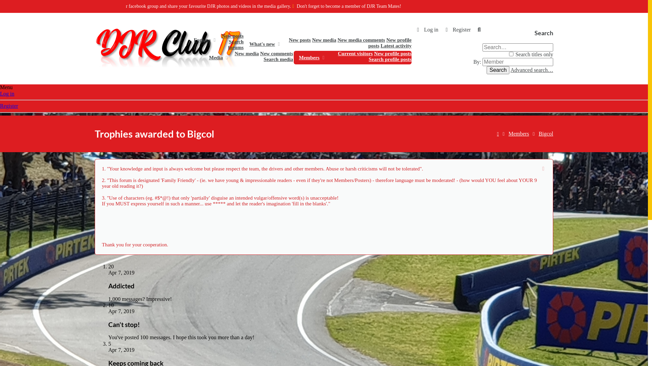 The width and height of the screenshot is (652, 366). Describe the element at coordinates (233, 36) in the screenshot. I see `'New posts'` at that location.